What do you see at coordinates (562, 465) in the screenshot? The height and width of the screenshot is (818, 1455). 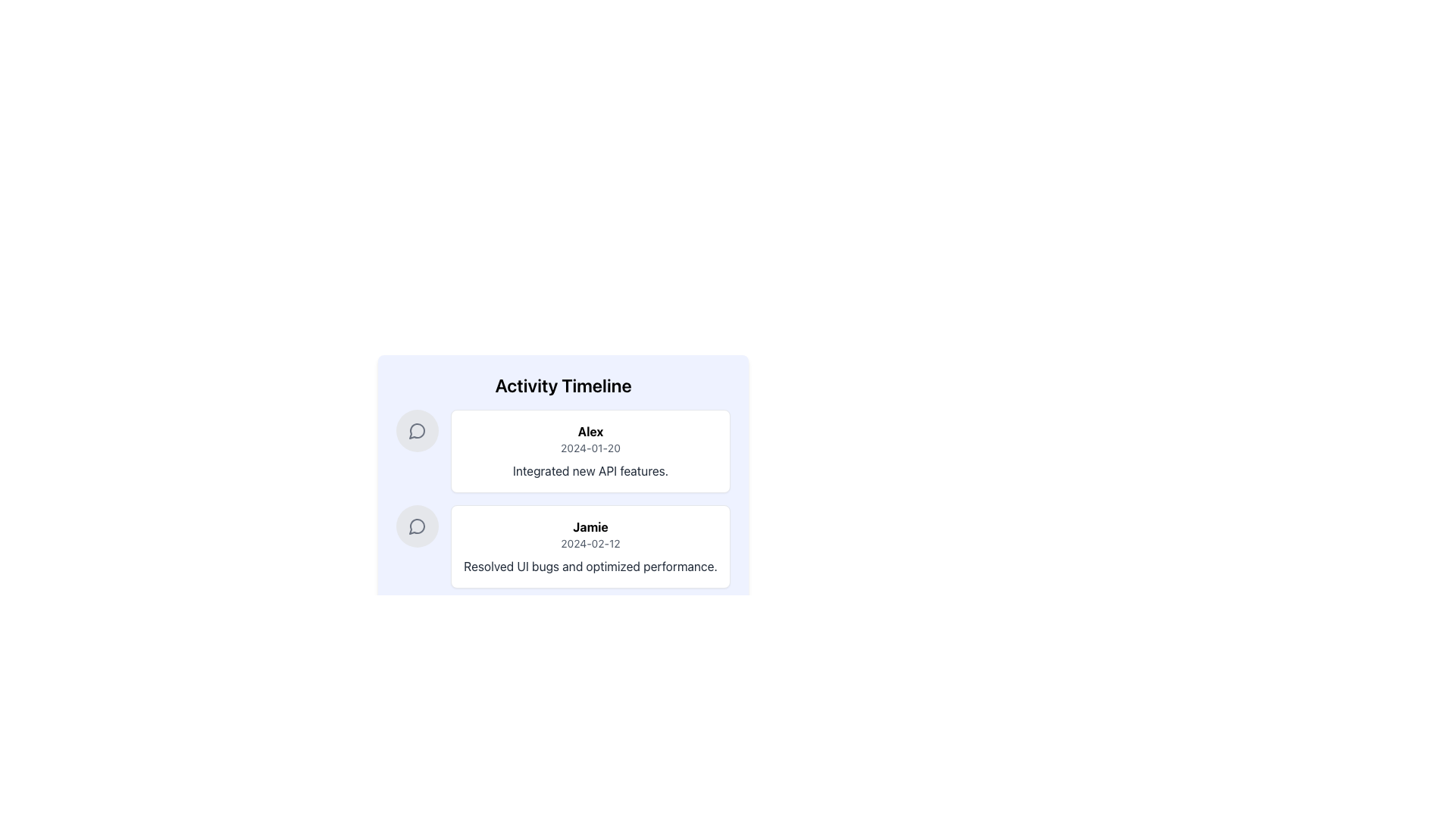 I see `the informational text element displaying 'Alex' with the date '2024-01-20' and description 'Integrated new API features.' in the first card of the 'Activity Timeline'` at bounding box center [562, 465].